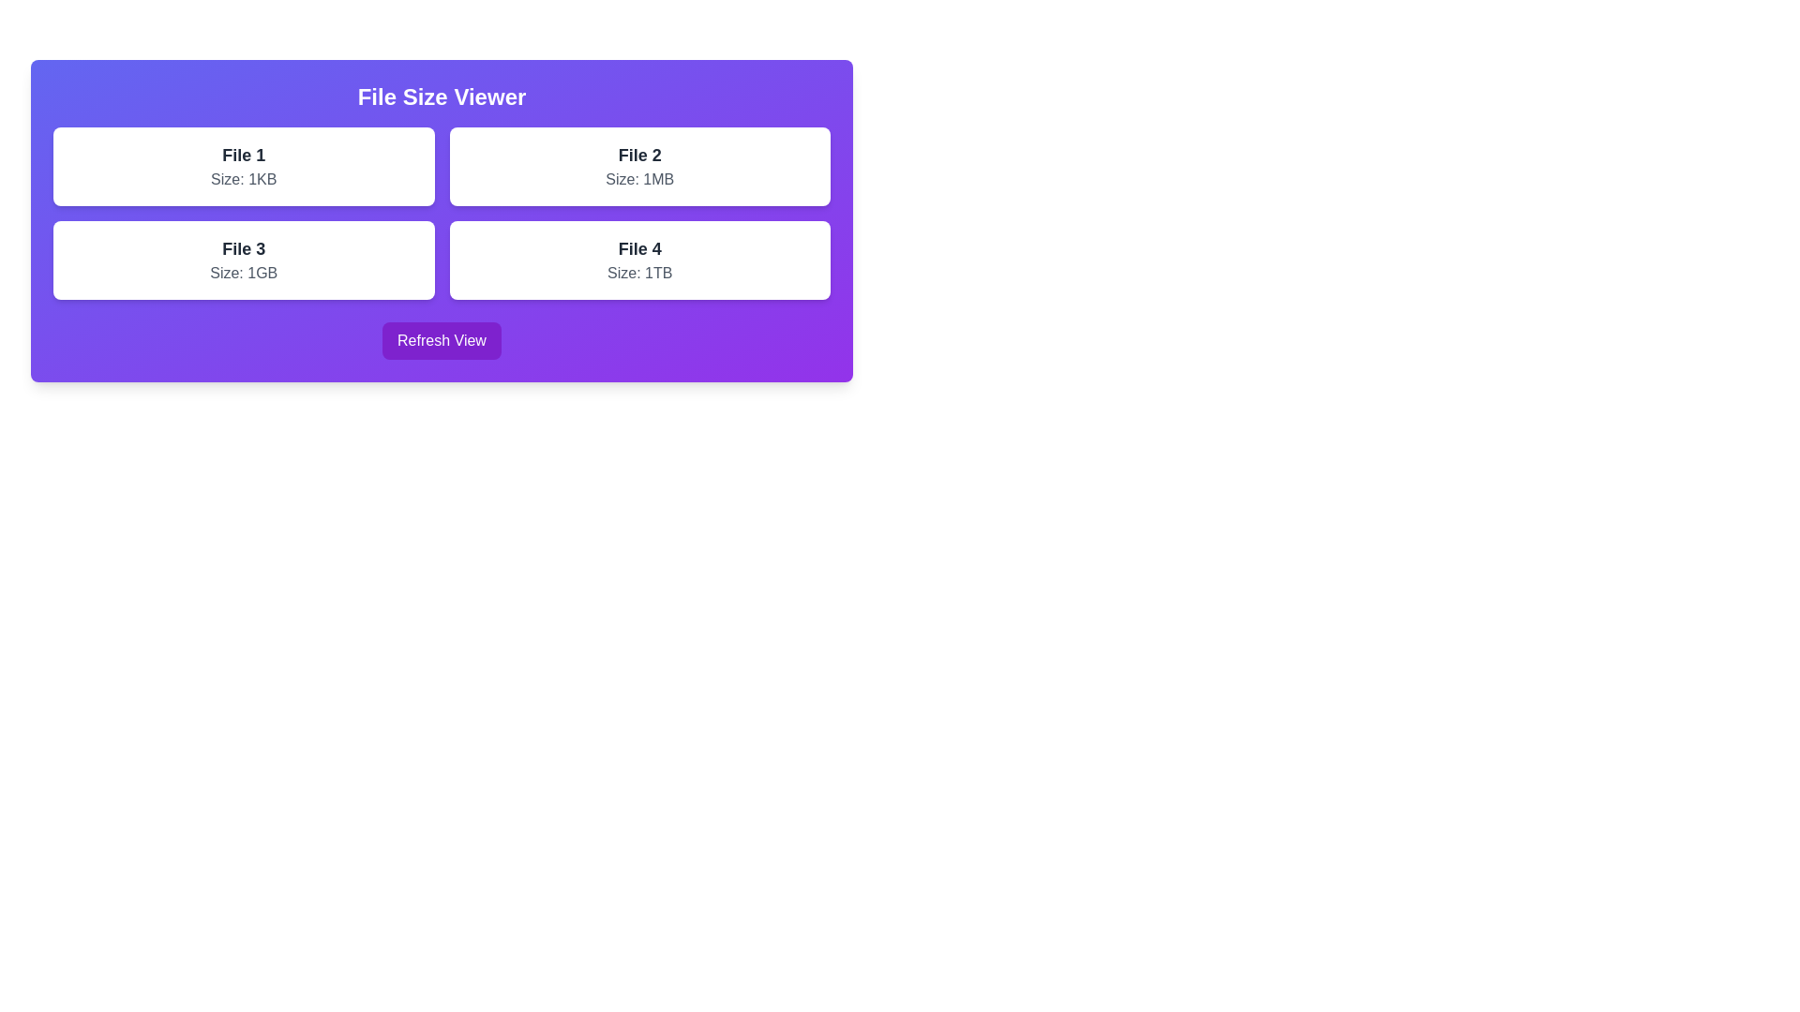 This screenshot has width=1800, height=1012. Describe the element at coordinates (639, 154) in the screenshot. I see `the bold, centered text label displaying 'File 2' in the 'File Size Viewer' grid layout` at that location.